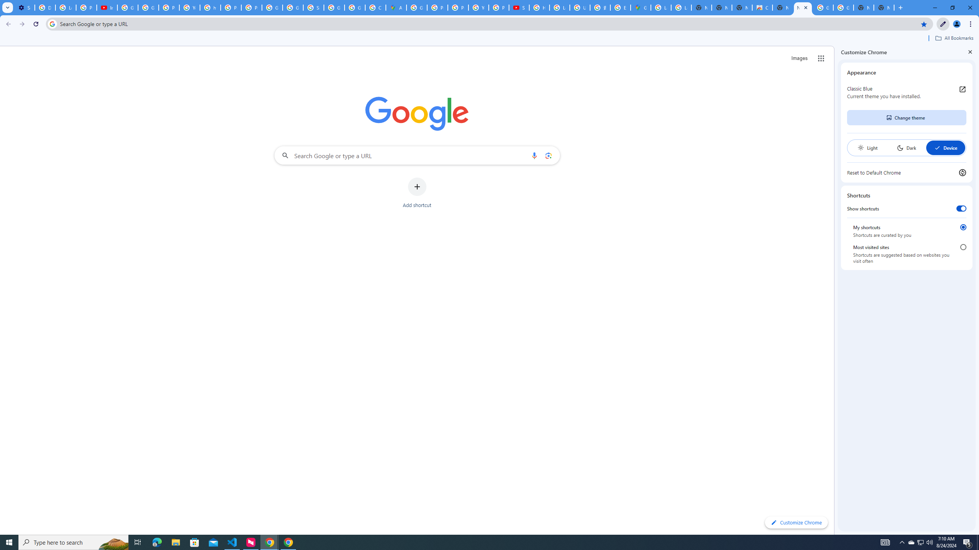 The height and width of the screenshot is (550, 979). What do you see at coordinates (820, 58) in the screenshot?
I see `'Google apps'` at bounding box center [820, 58].